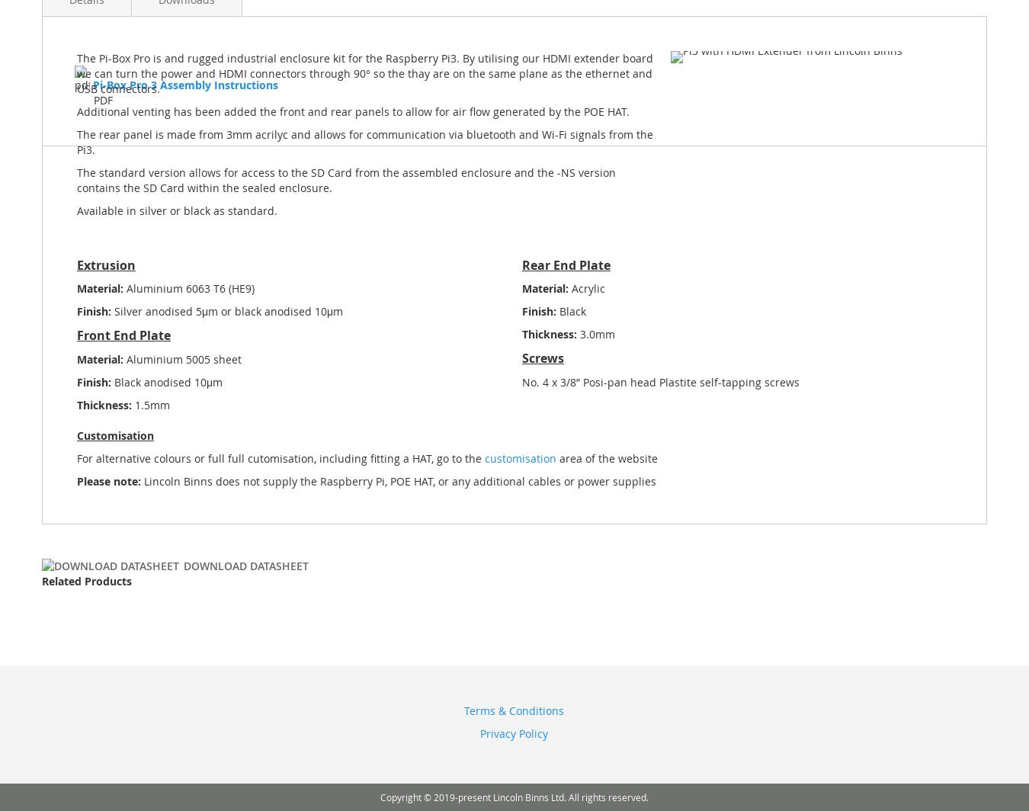 This screenshot has height=811, width=1029. What do you see at coordinates (660, 382) in the screenshot?
I see `'No. 4 x 3/8” Posi-pan head Plastite self-tapping screws'` at bounding box center [660, 382].